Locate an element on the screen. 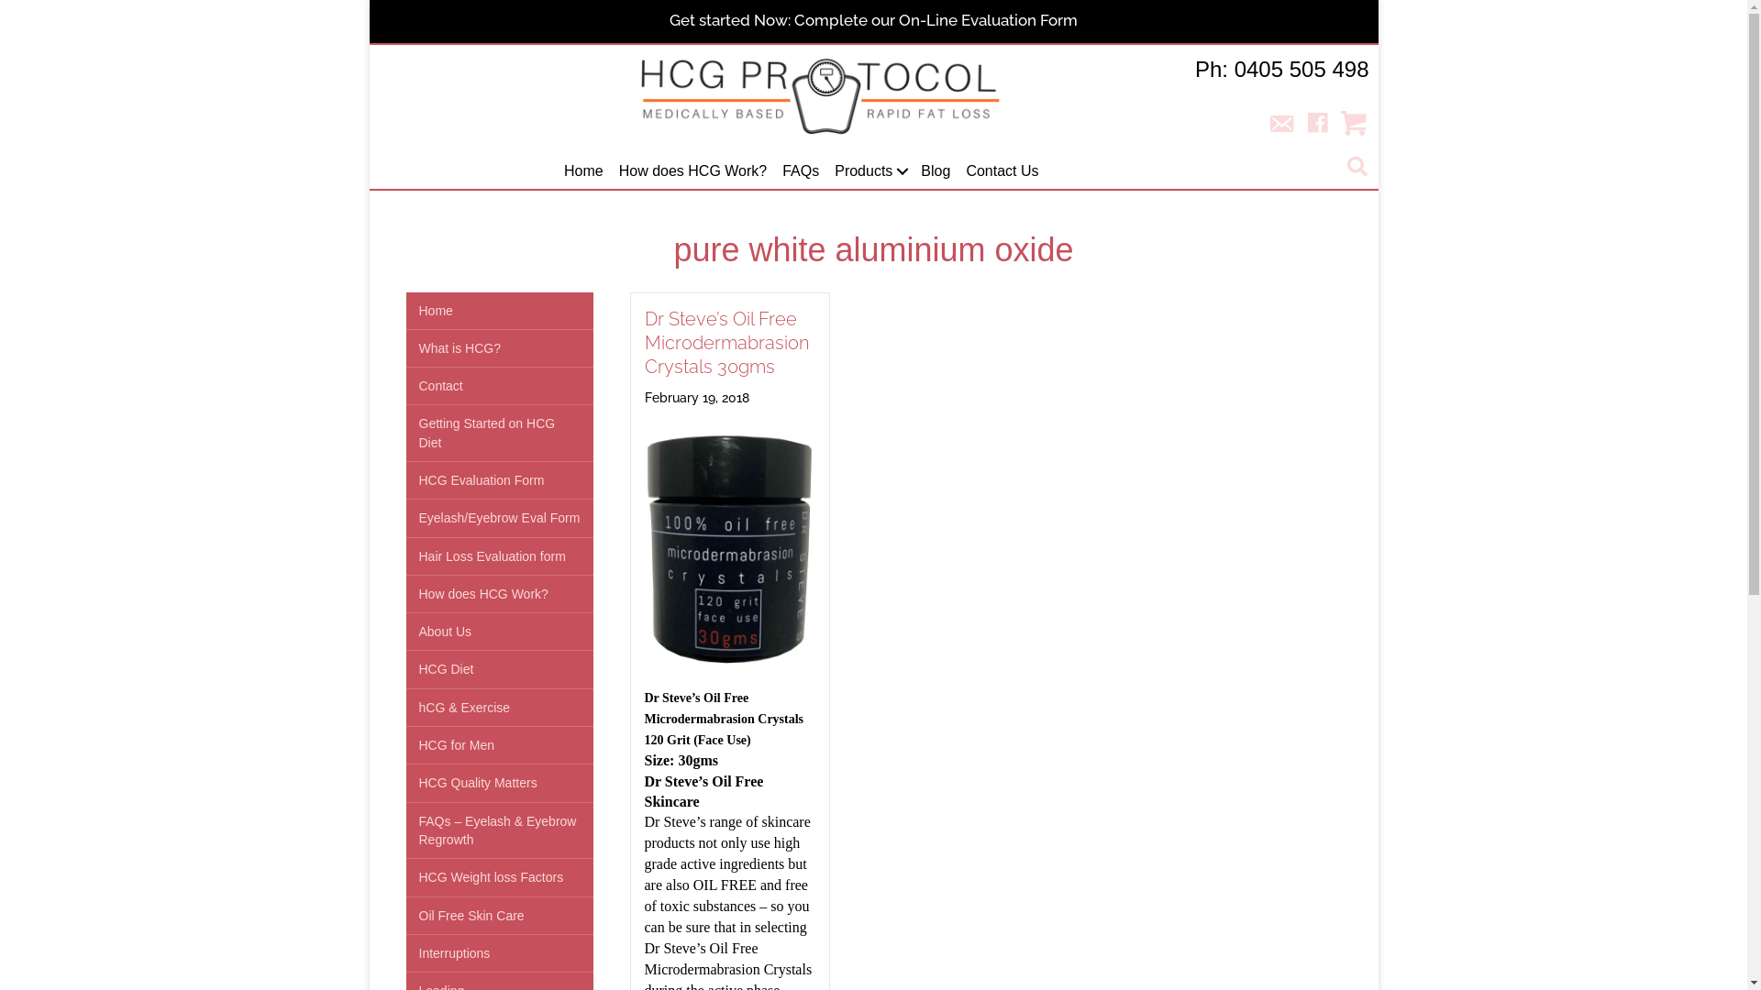 The image size is (1761, 990). 'Getting Started on HCG Diet' is located at coordinates (498, 433).